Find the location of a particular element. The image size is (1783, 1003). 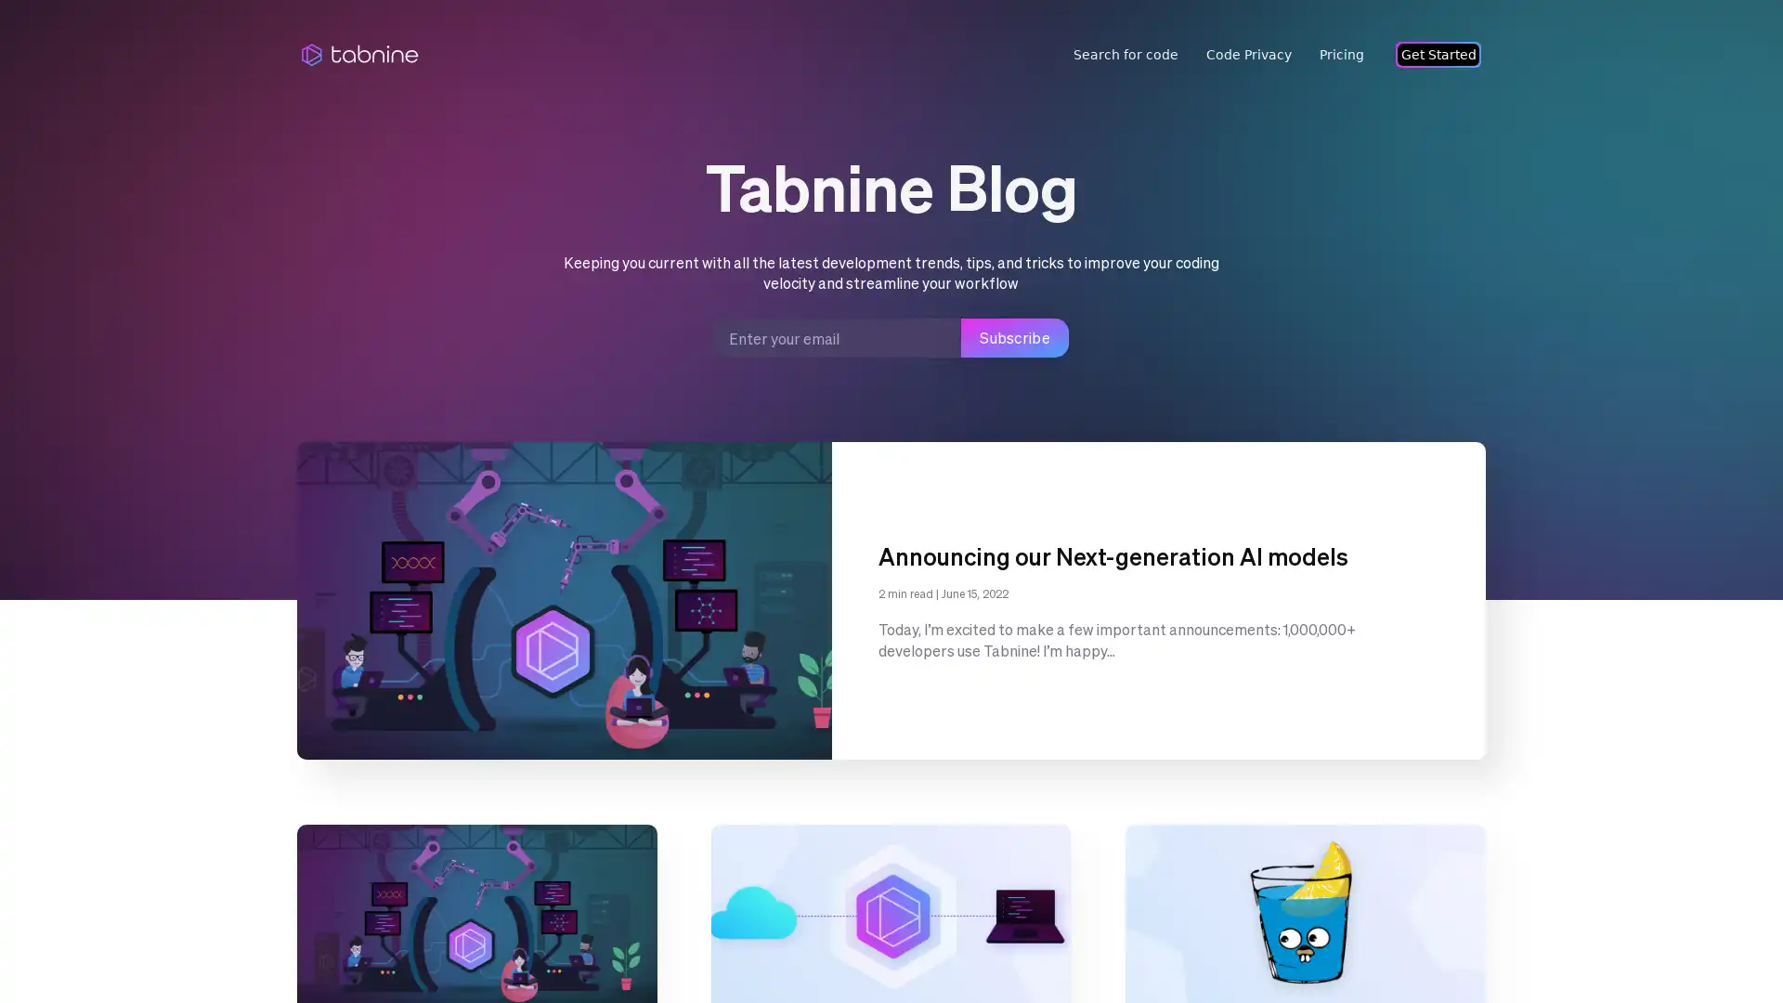

Dismiss Message is located at coordinates (1685, 931).